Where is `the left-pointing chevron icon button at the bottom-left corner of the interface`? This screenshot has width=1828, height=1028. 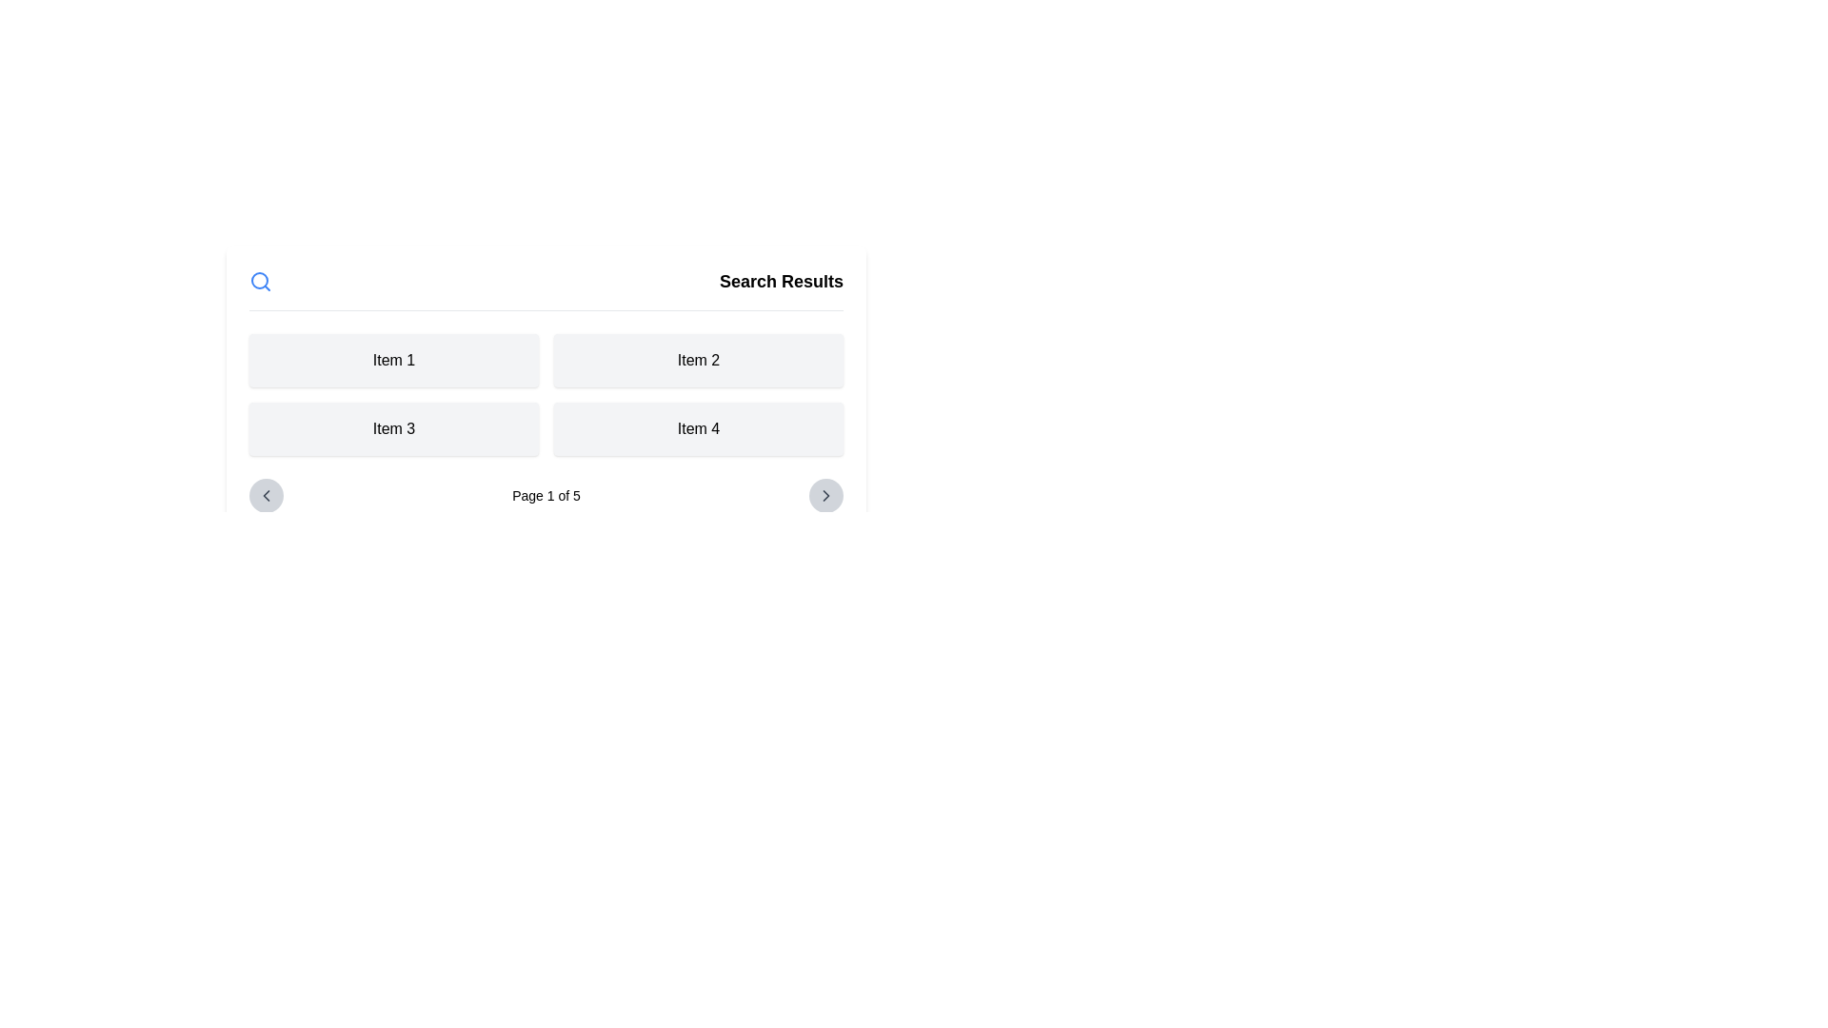 the left-pointing chevron icon button at the bottom-left corner of the interface is located at coordinates (265, 494).